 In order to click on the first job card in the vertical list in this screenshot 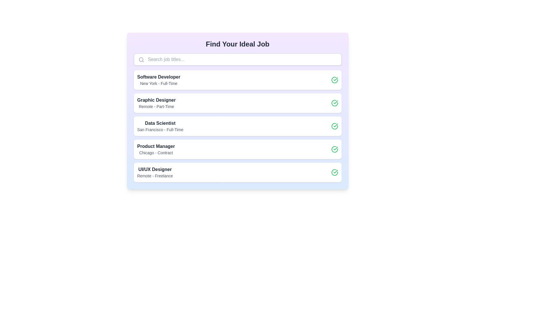, I will do `click(237, 80)`.